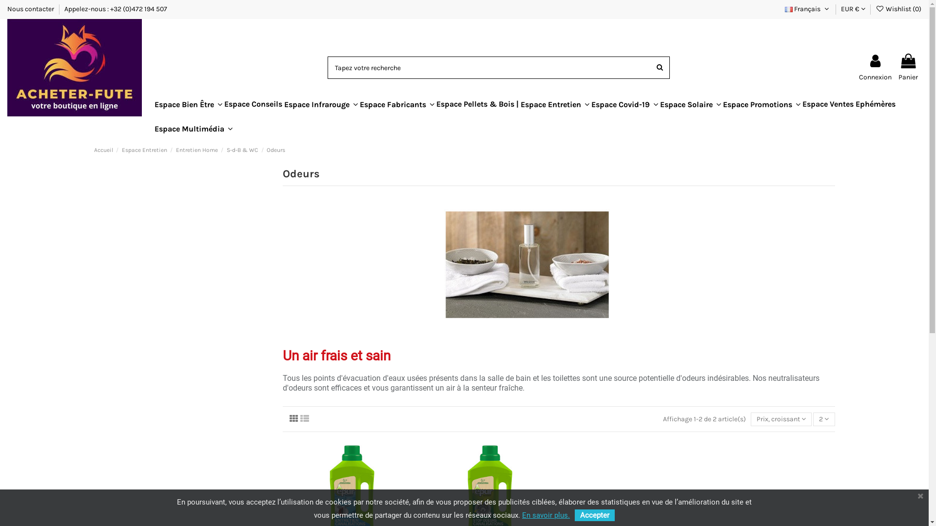 The width and height of the screenshot is (936, 526). What do you see at coordinates (31, 9) in the screenshot?
I see `'Nous contacter'` at bounding box center [31, 9].